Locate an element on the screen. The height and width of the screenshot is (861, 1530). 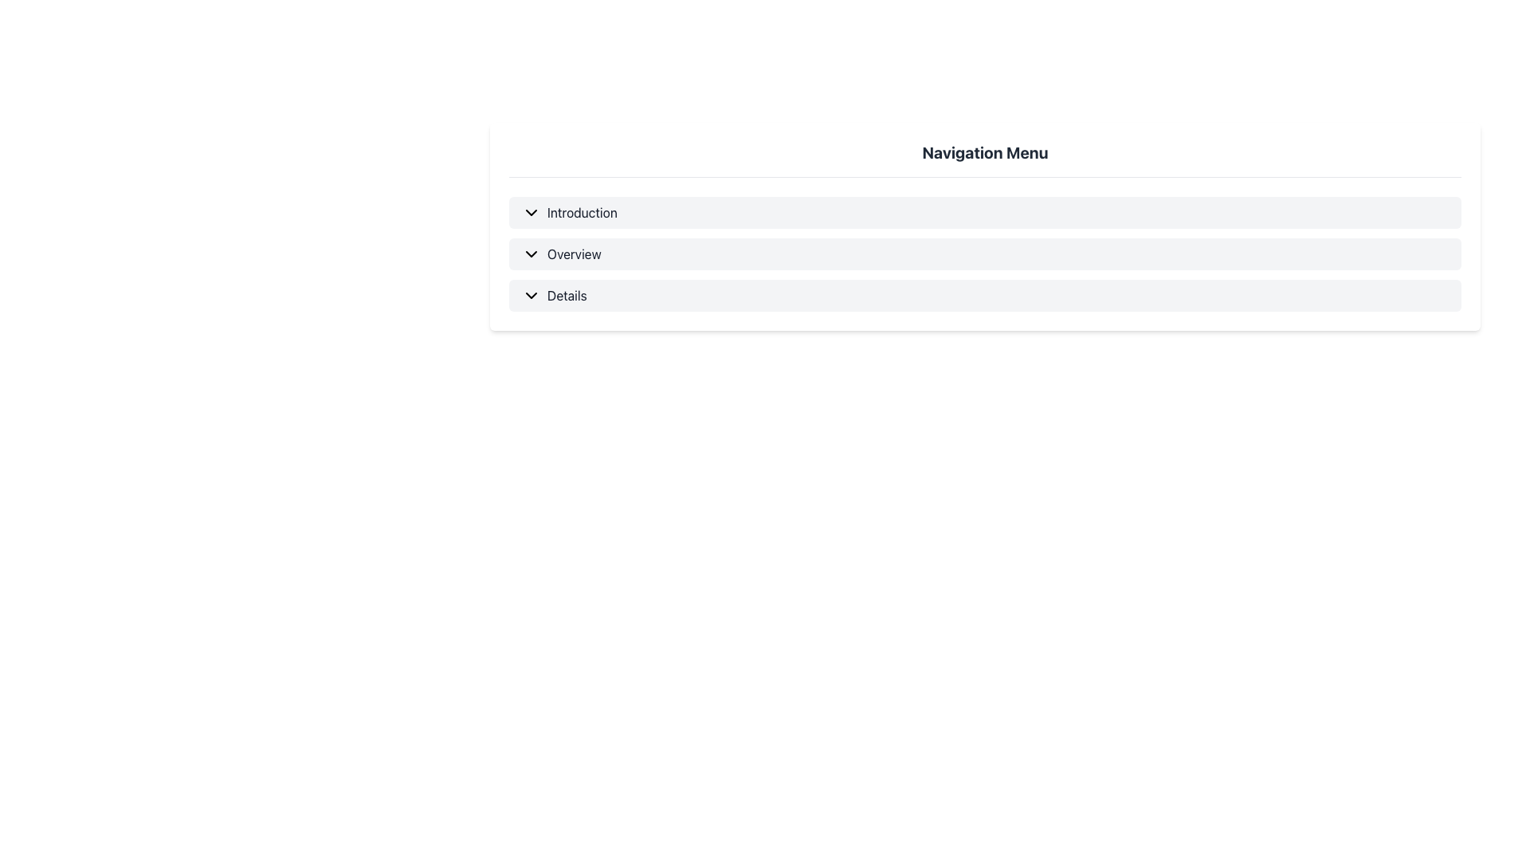
the third label hyperlink in the vertical navigation menu is located at coordinates (567, 295).